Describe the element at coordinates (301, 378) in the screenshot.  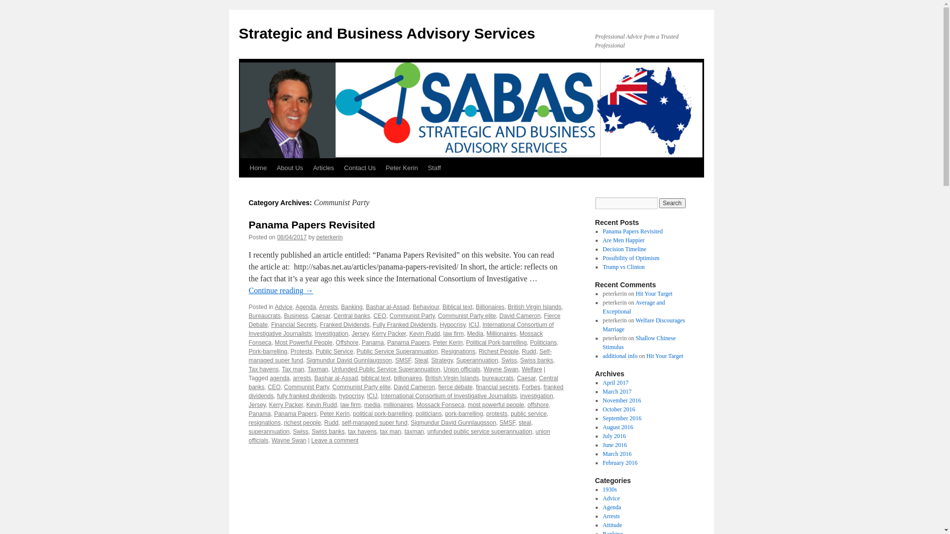
I see `'arrests'` at that location.